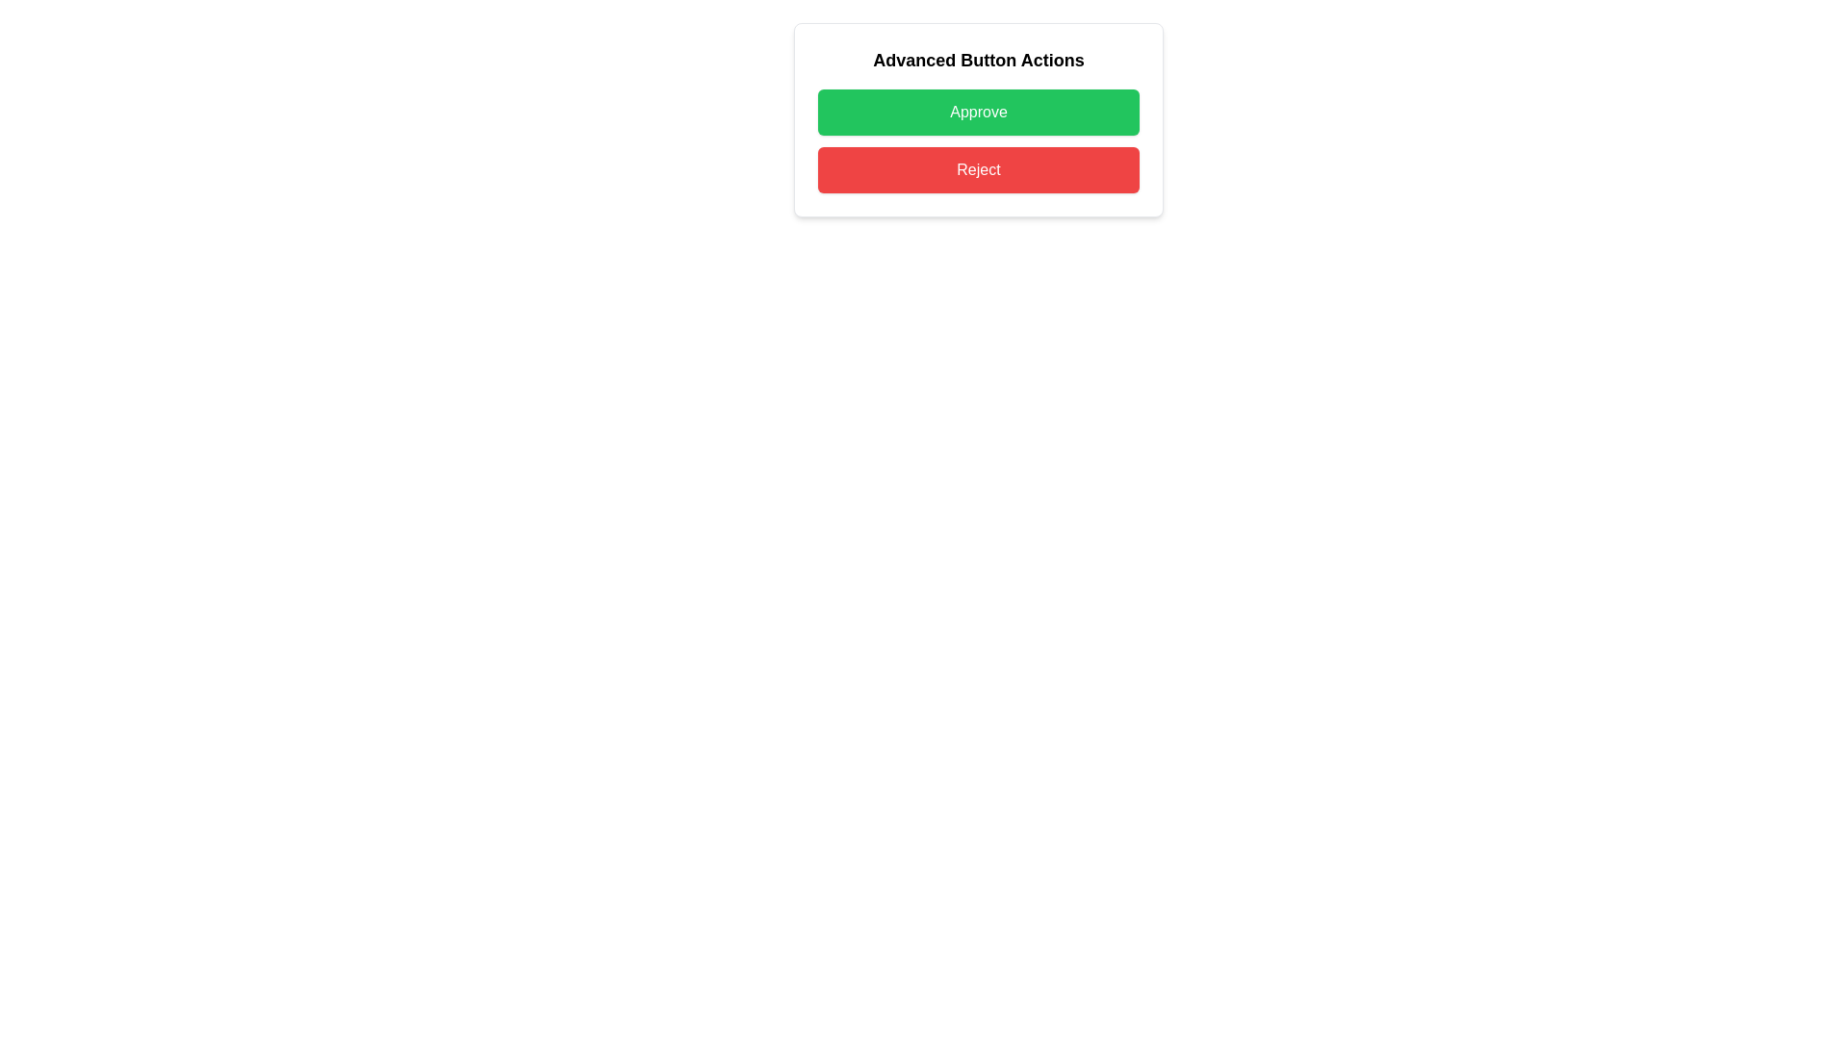  What do you see at coordinates (979, 169) in the screenshot?
I see `the rejection button located directly below the 'Approve' button` at bounding box center [979, 169].